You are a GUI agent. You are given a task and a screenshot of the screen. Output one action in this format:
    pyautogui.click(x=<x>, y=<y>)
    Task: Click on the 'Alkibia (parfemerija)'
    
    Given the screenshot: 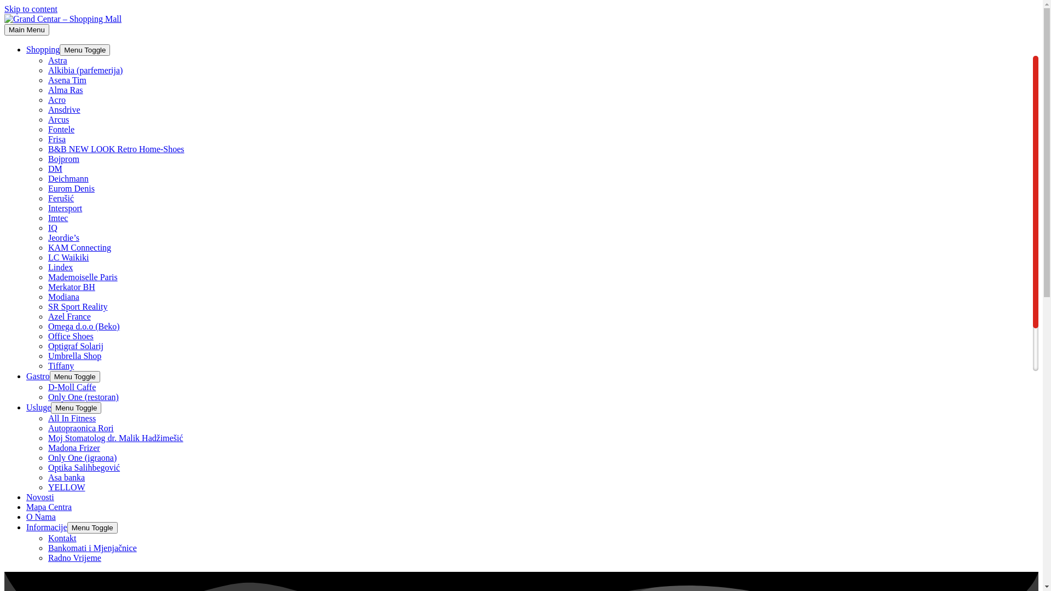 What is the action you would take?
    pyautogui.click(x=85, y=70)
    